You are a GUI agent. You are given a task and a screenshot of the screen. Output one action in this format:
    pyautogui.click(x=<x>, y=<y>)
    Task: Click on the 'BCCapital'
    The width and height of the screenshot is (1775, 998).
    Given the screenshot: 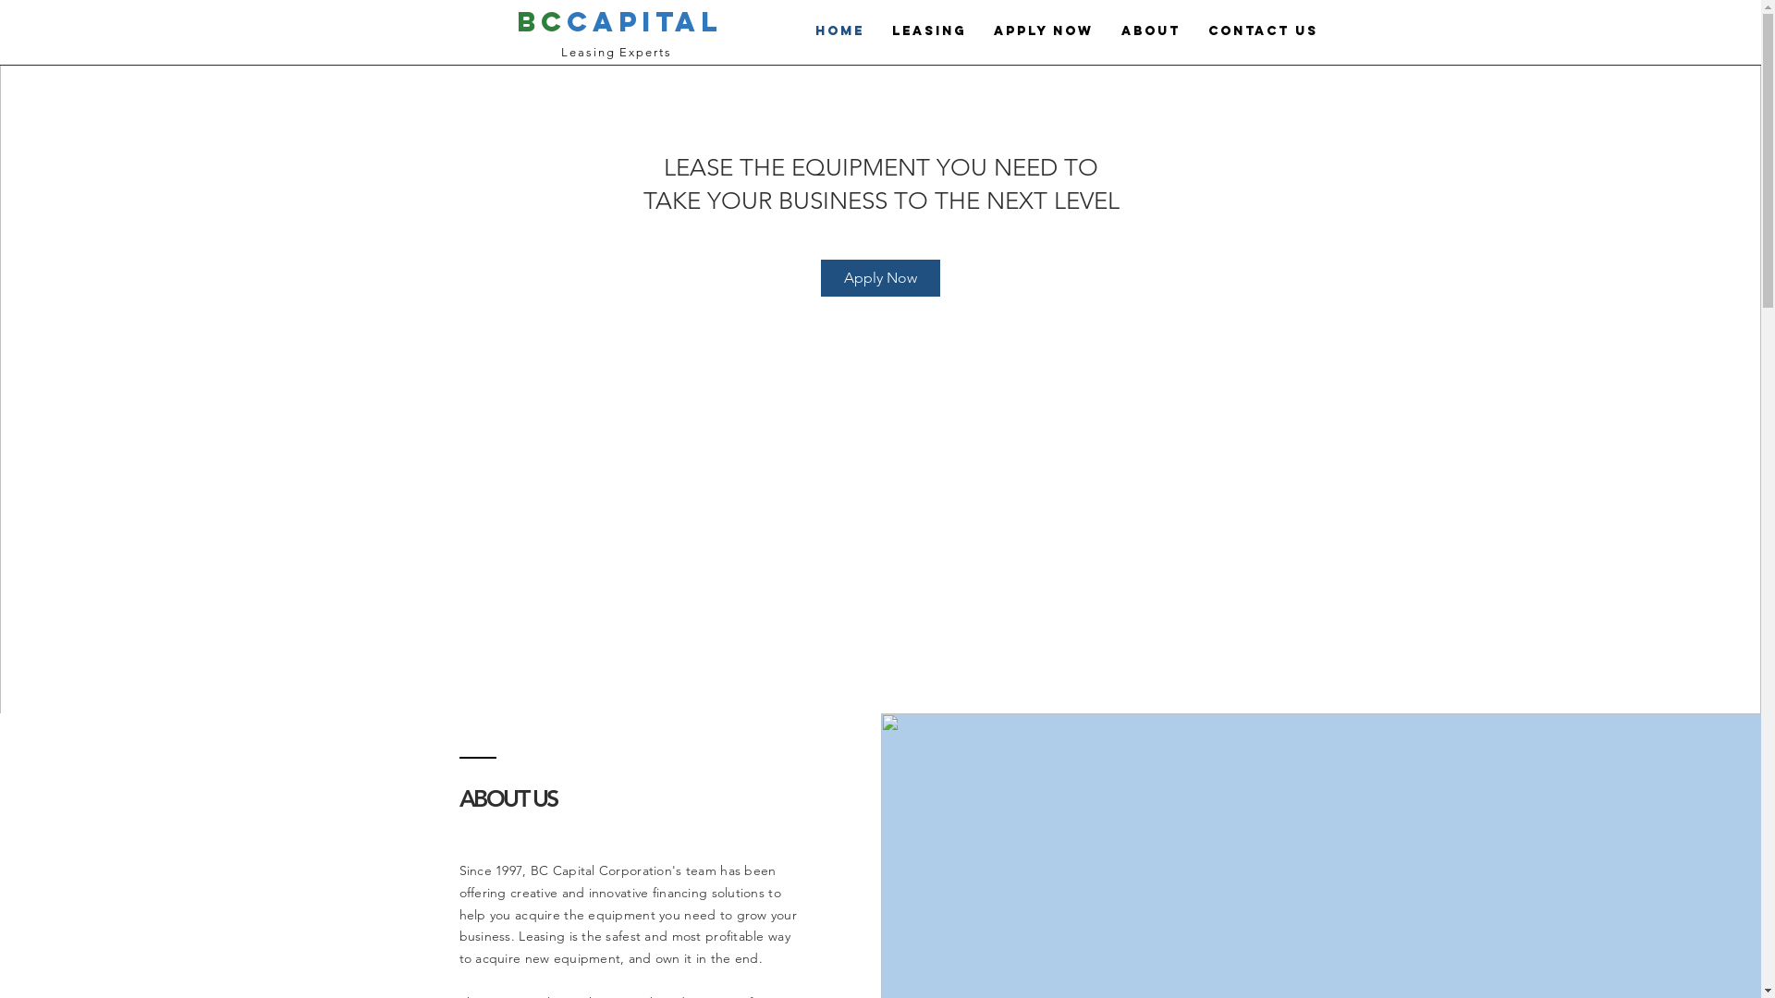 What is the action you would take?
    pyautogui.click(x=618, y=21)
    